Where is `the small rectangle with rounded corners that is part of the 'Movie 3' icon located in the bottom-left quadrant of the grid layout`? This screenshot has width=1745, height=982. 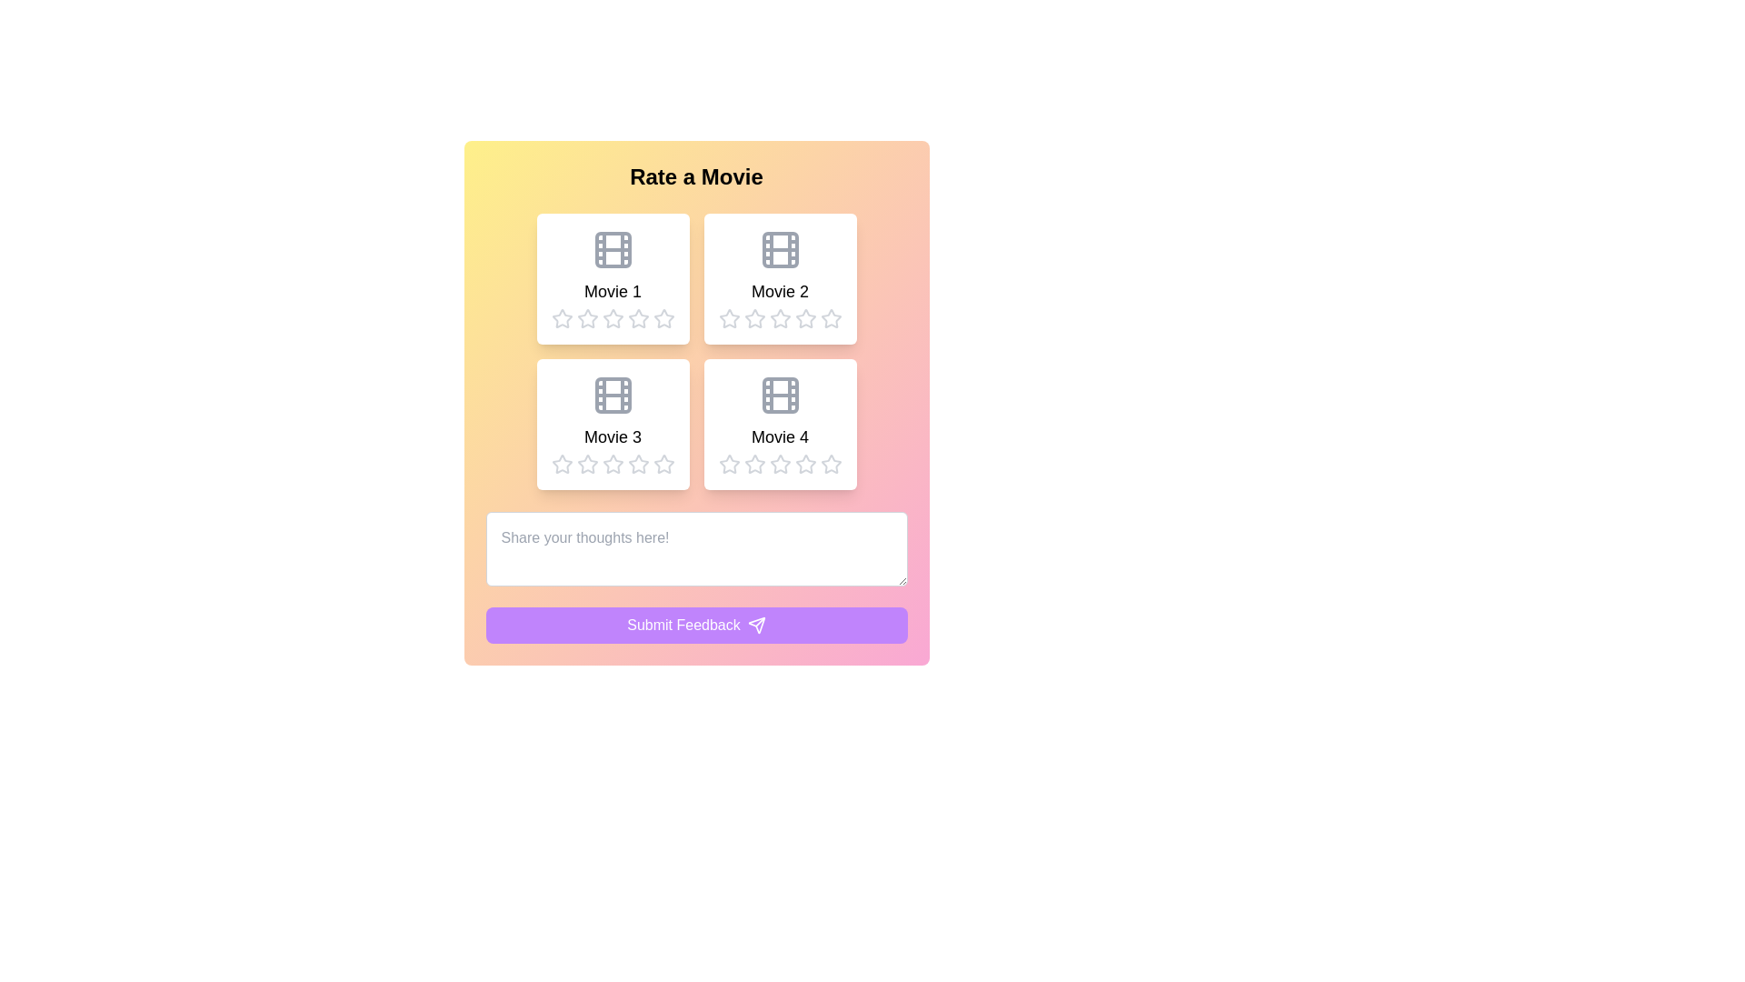
the small rectangle with rounded corners that is part of the 'Movie 3' icon located in the bottom-left quadrant of the grid layout is located at coordinates (613, 395).